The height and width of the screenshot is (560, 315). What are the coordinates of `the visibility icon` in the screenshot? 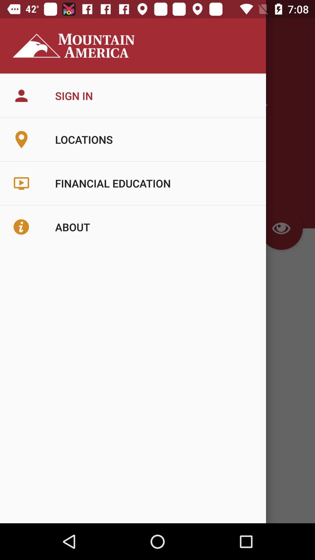 It's located at (281, 228).